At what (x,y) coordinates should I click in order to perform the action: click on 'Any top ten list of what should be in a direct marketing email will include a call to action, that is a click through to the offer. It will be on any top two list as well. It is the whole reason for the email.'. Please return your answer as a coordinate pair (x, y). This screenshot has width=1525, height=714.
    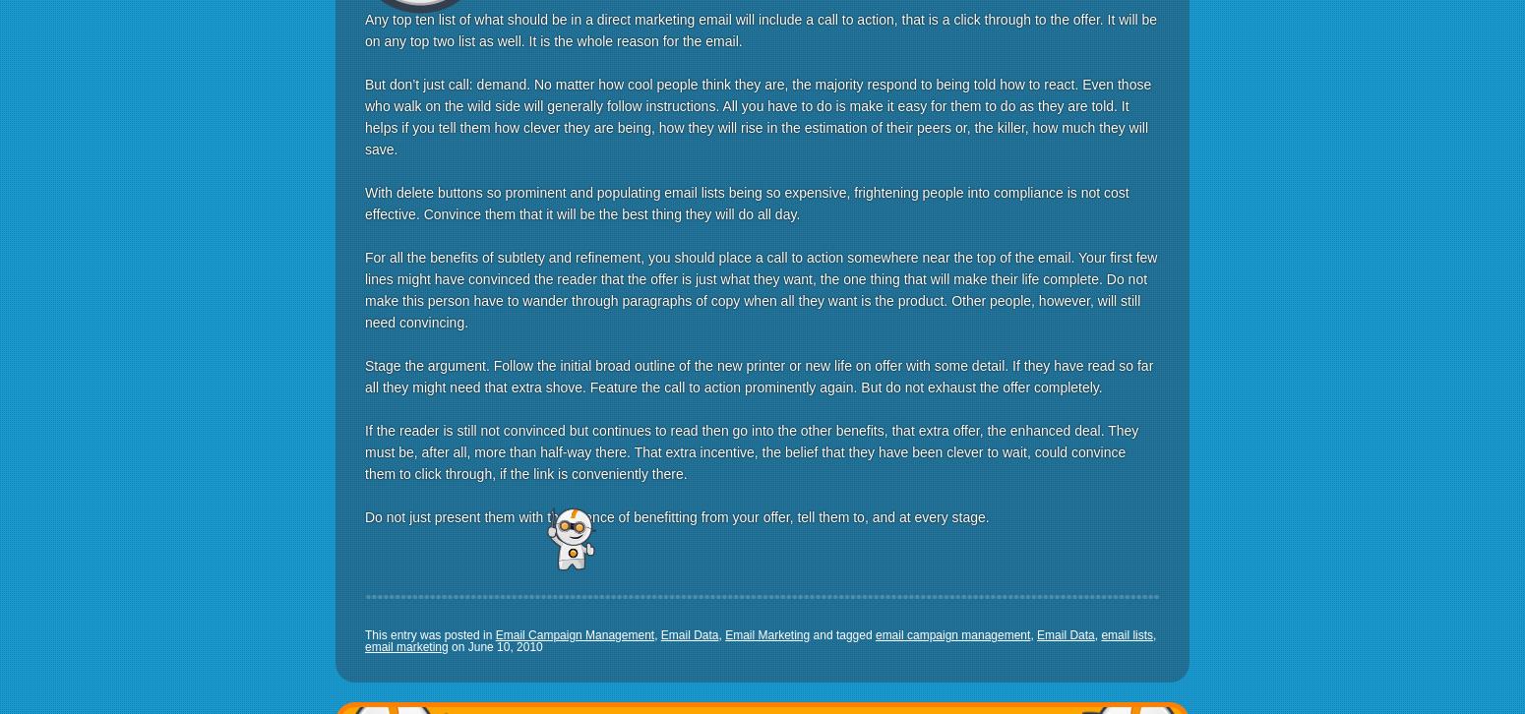
    Looking at the image, I should click on (761, 30).